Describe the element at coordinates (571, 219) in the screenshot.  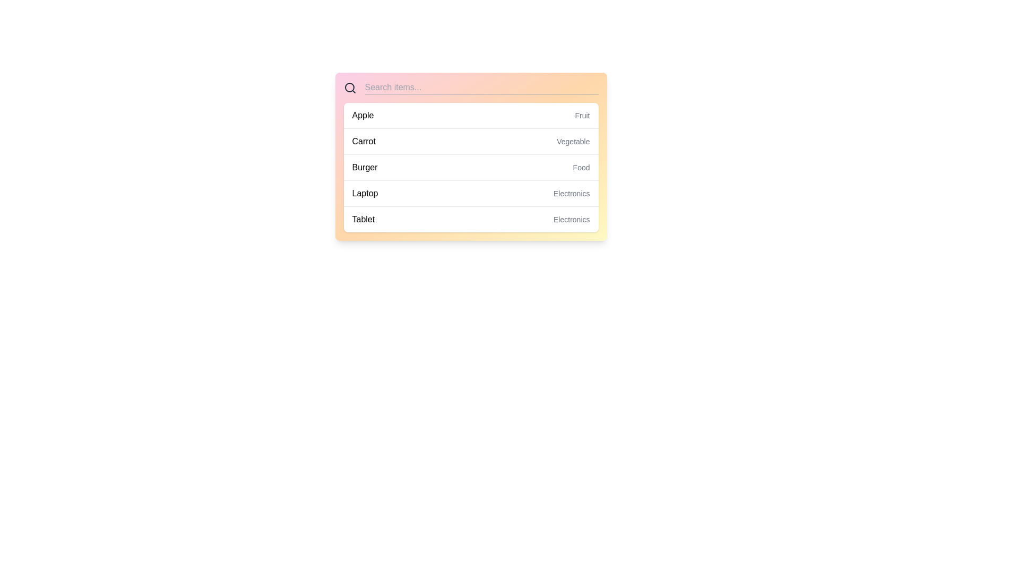
I see `the text label indicating the category 'Tablet' located in the right-aligned section of the list` at that location.